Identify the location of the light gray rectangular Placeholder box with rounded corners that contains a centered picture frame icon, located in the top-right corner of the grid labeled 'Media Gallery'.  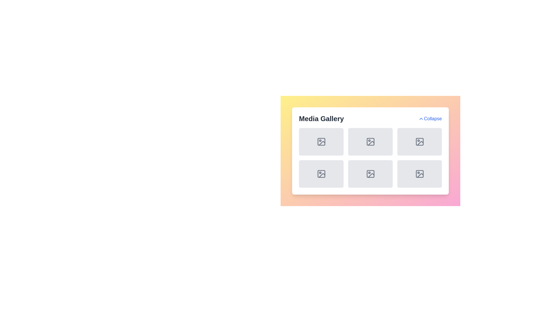
(419, 142).